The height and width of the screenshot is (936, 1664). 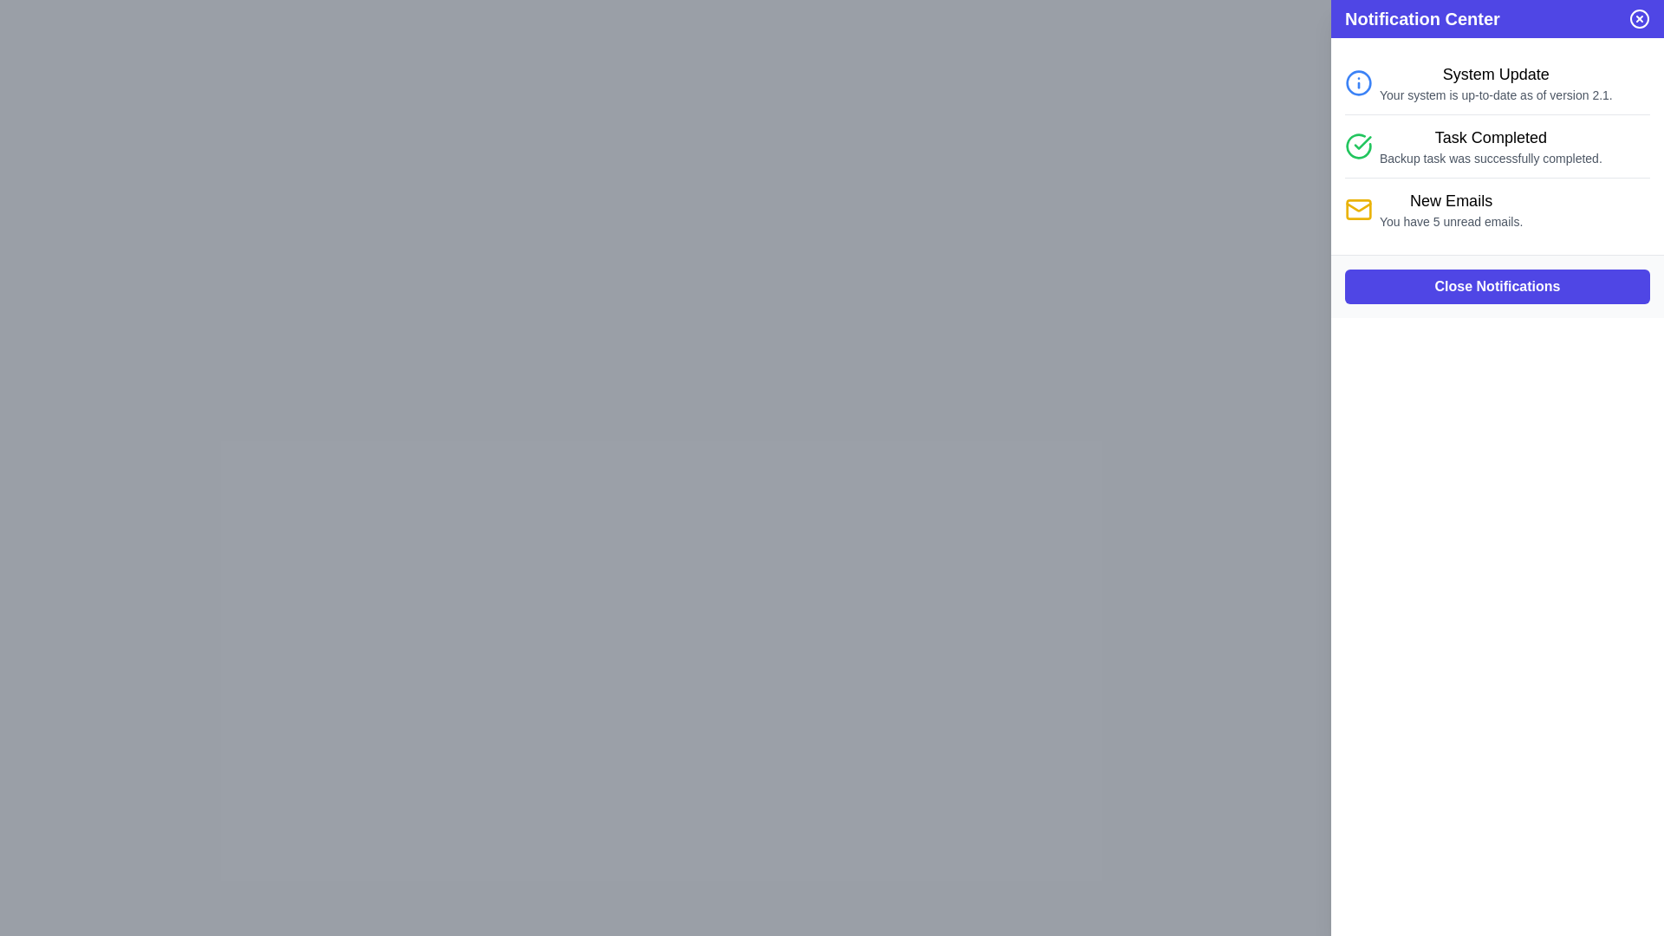 I want to click on SVG Circle Icon located at the top right corner of the Notification Center panel for detailed information, so click(x=1638, y=19).